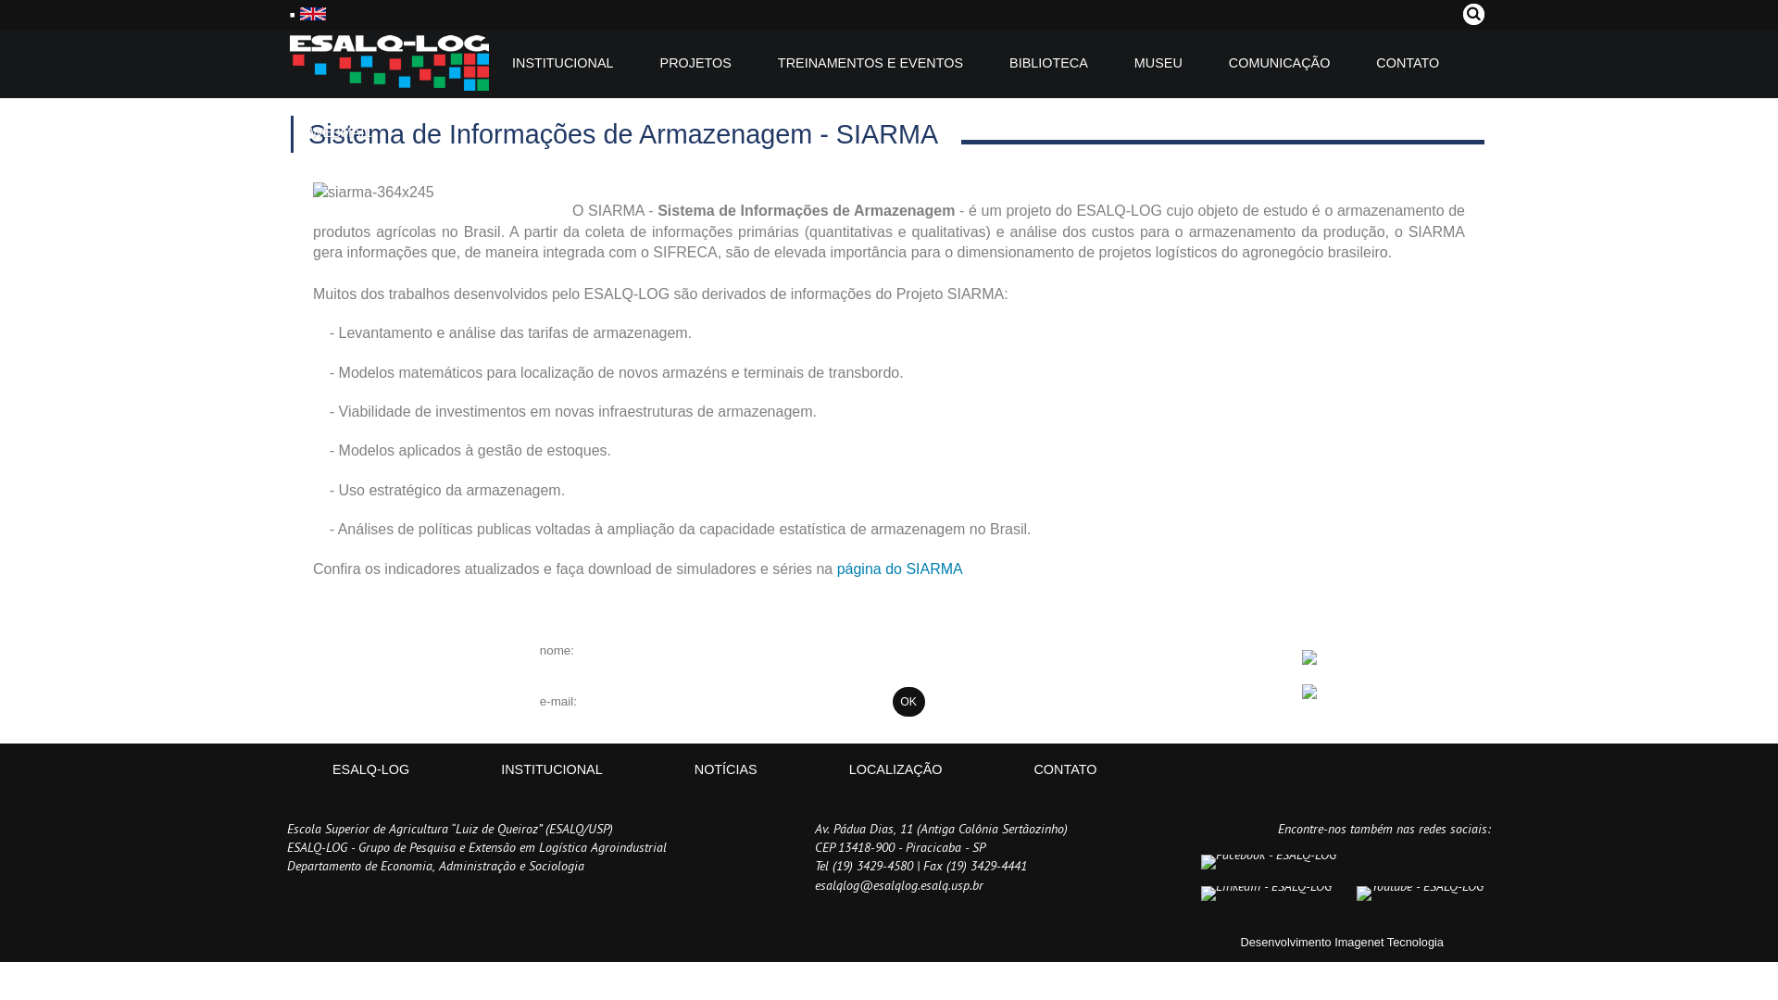 This screenshot has width=1778, height=1000. I want to click on 'Facebook - ESALQ-LOG', so click(1267, 861).